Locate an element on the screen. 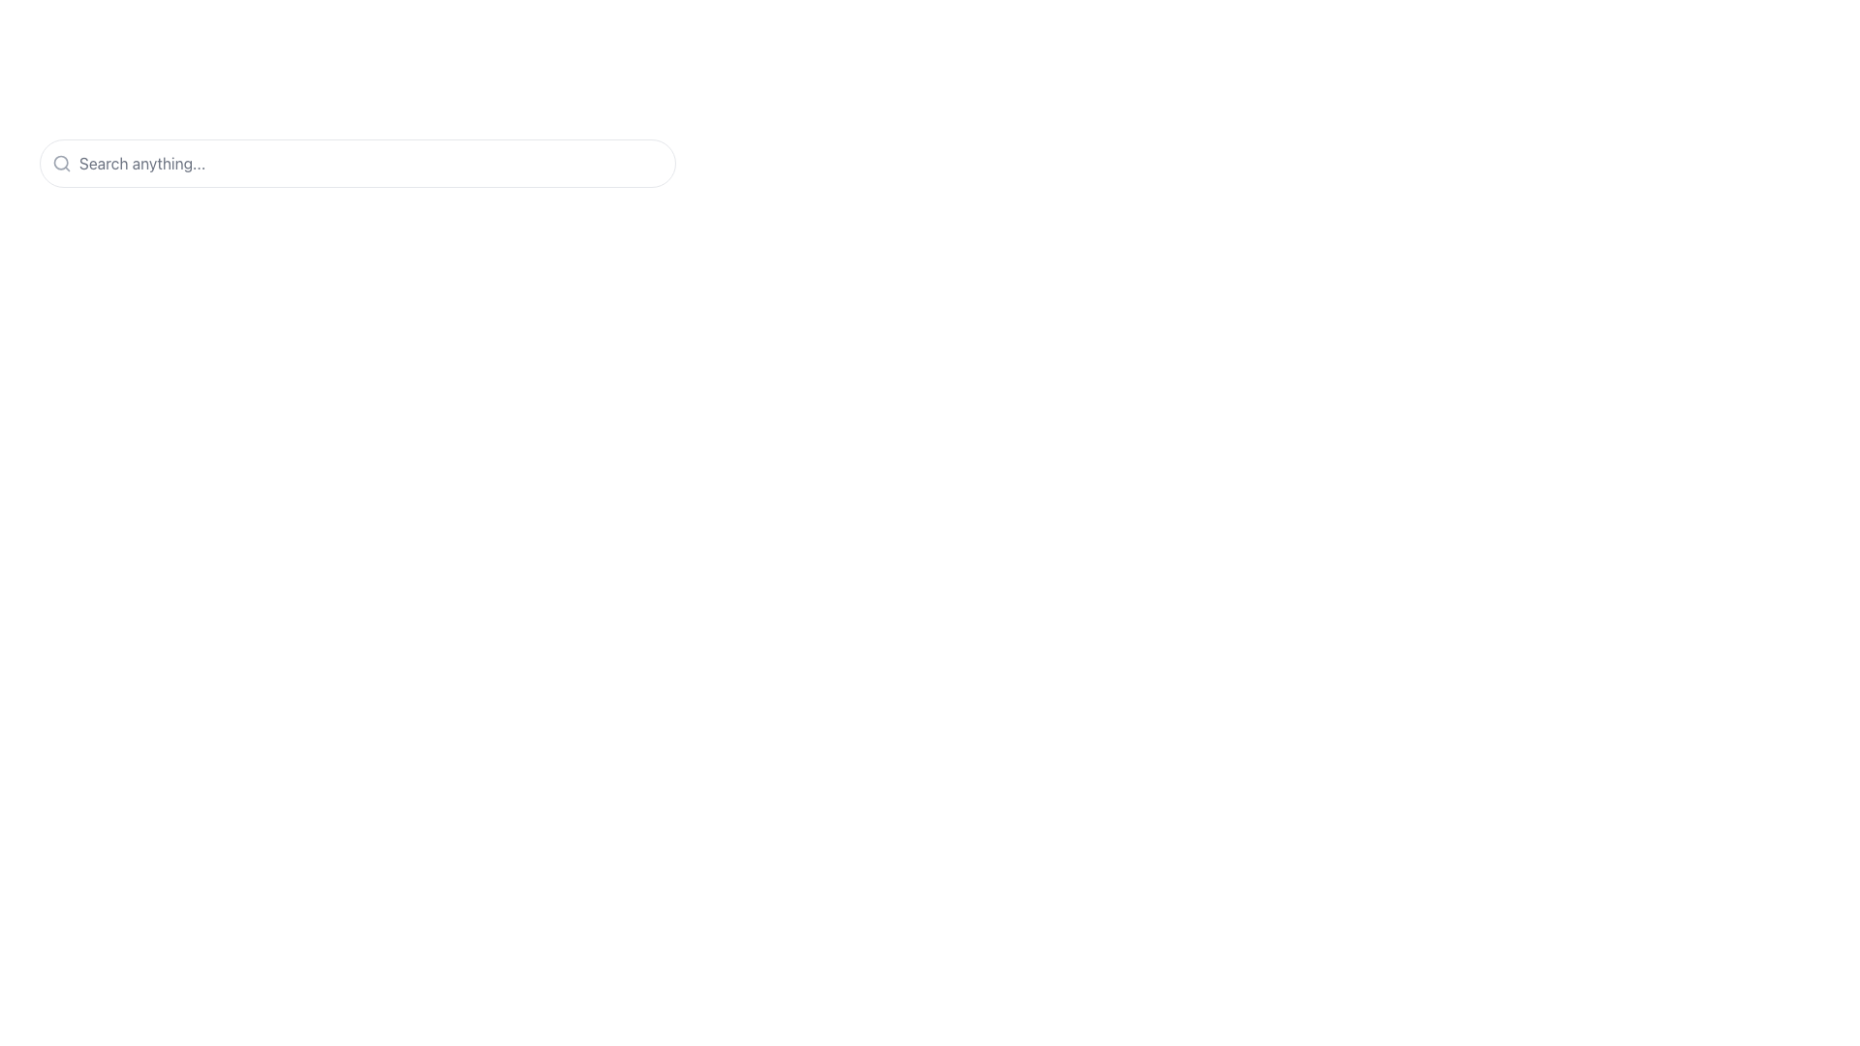  the magnifying glass icon located at the leftmost area of the search input bar, which precedes the placeholder text 'Search anything...' is located at coordinates (61, 163).